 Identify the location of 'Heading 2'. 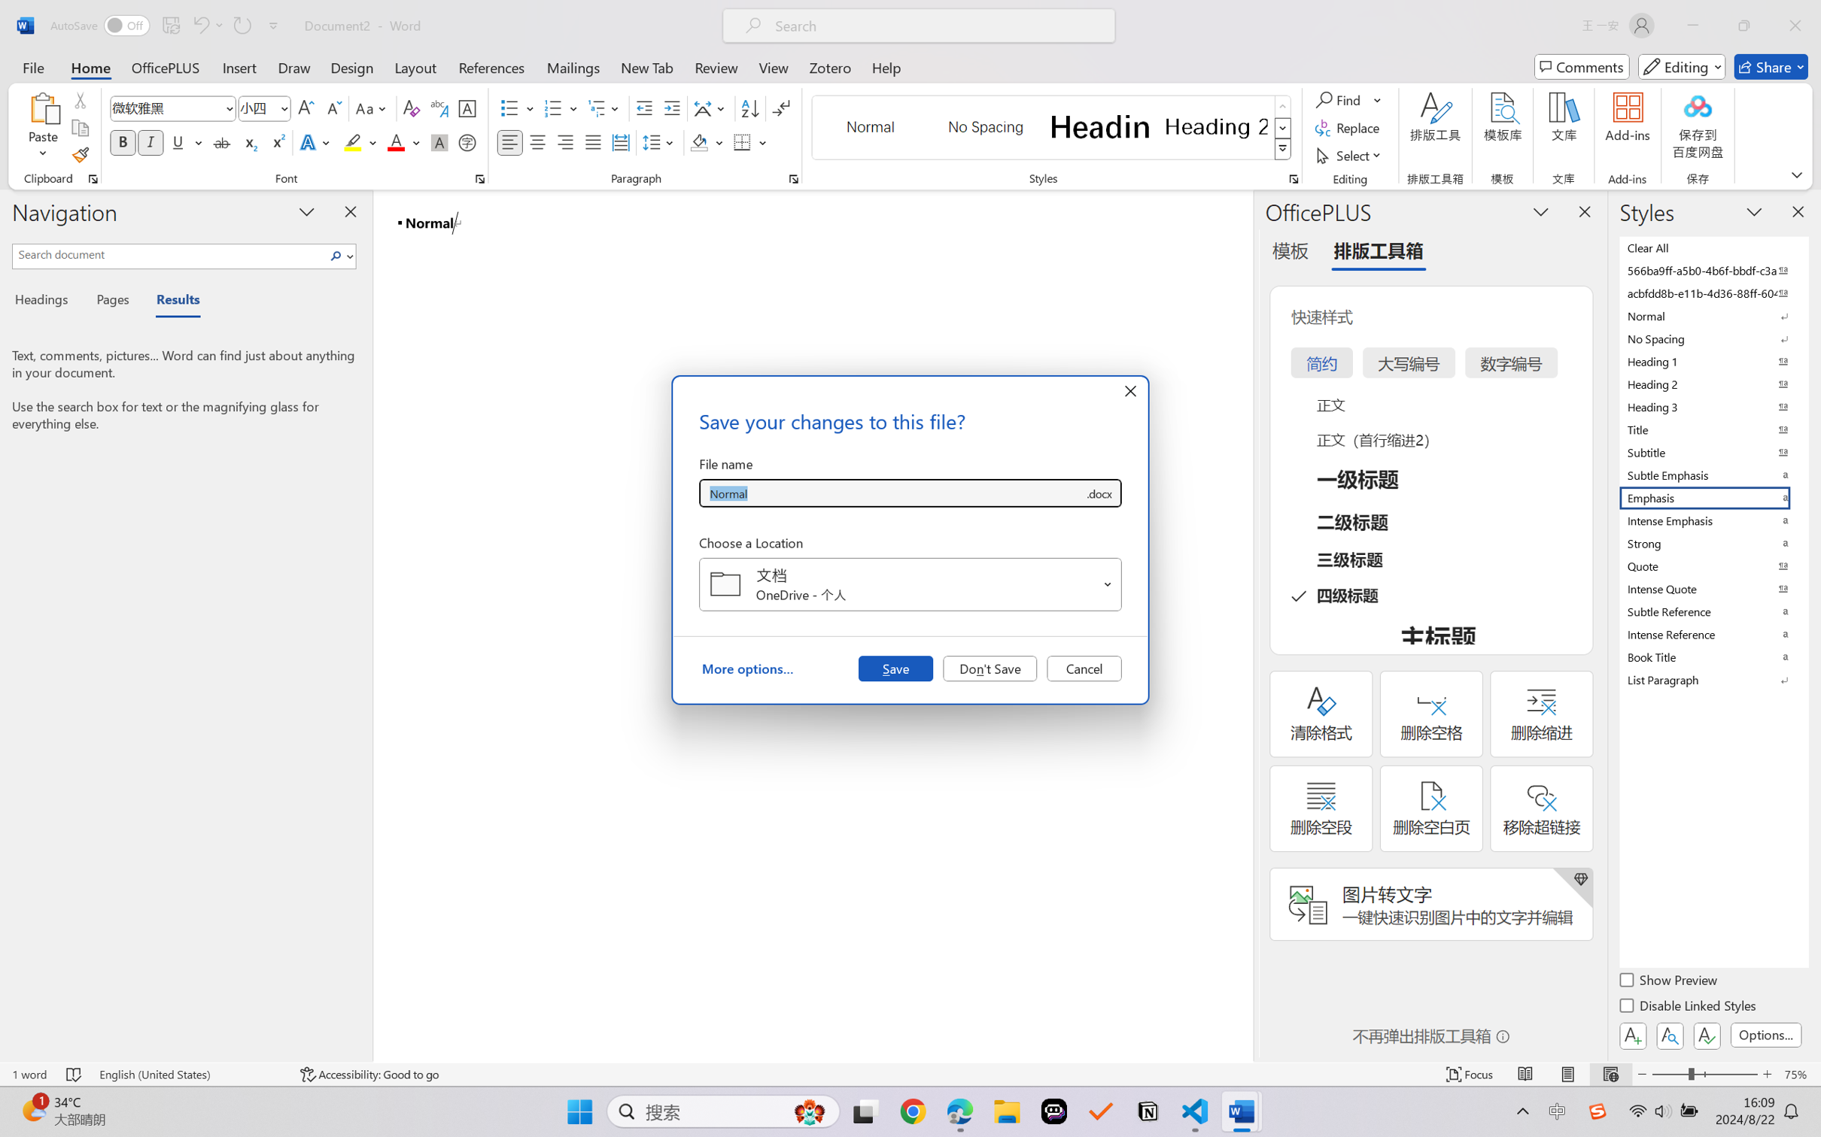
(1216, 126).